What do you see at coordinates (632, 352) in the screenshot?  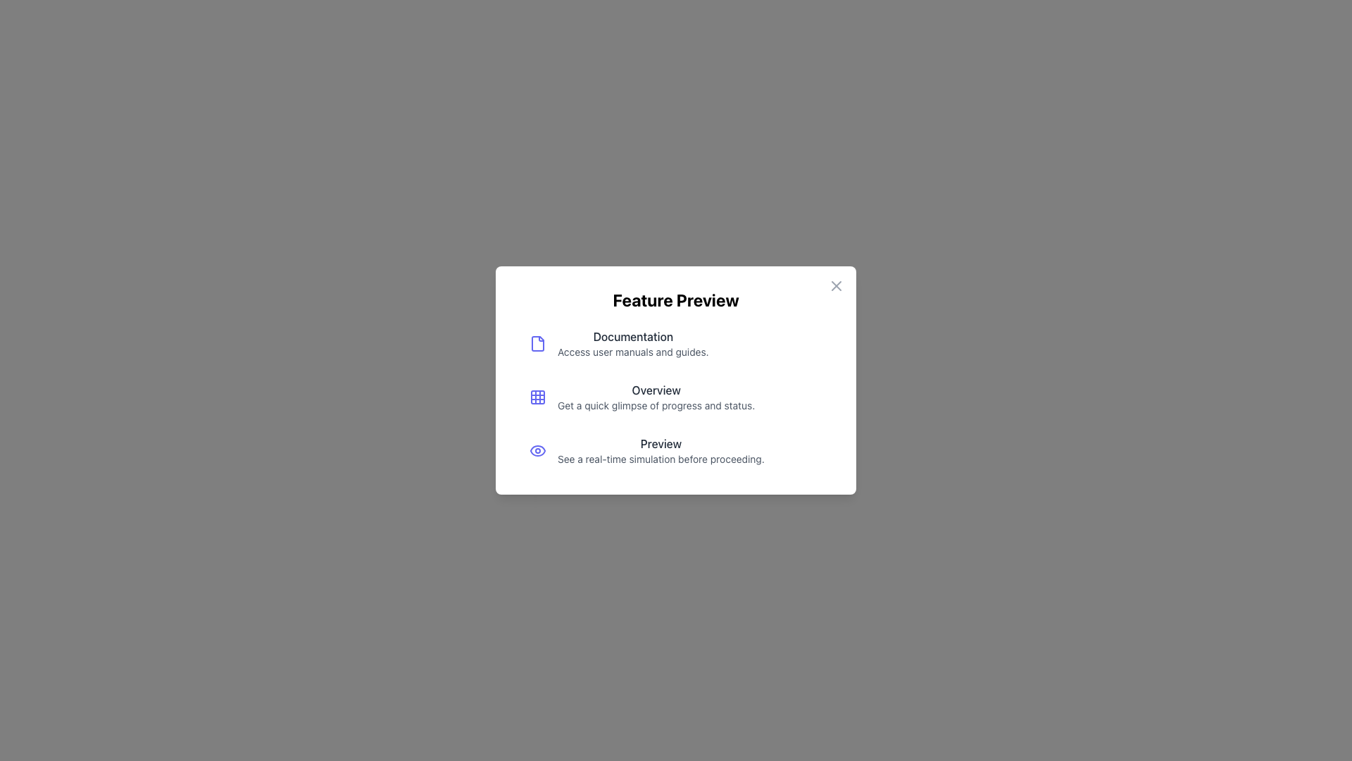 I see `the static text label that provides a brief description for the 'Documentation' feature, located beneath the heading 'Documentation' in the 'Feature Preview' modal` at bounding box center [632, 352].